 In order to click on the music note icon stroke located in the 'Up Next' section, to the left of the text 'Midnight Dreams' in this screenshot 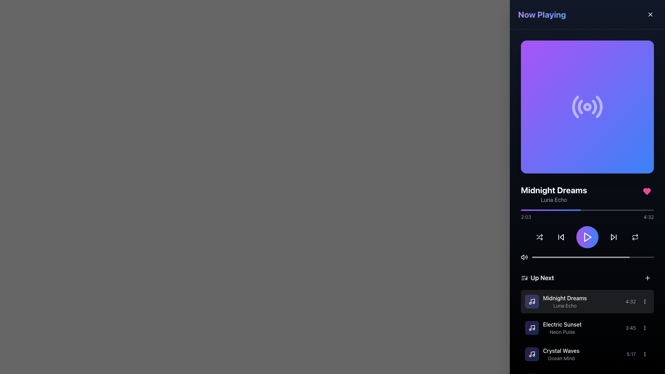, I will do `click(532, 354)`.